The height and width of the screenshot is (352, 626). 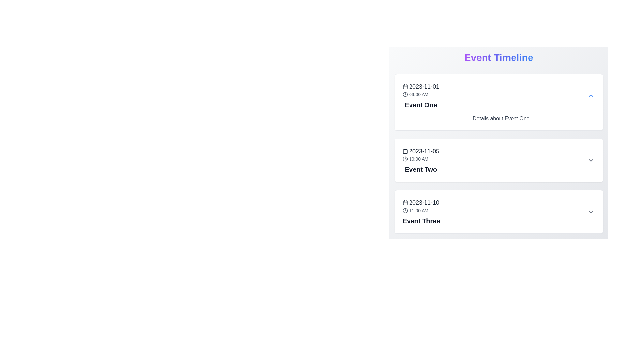 I want to click on the text label 'Event Two', which is a large, bold, dark gray text on a light background located in the second section of the event list, so click(x=421, y=169).